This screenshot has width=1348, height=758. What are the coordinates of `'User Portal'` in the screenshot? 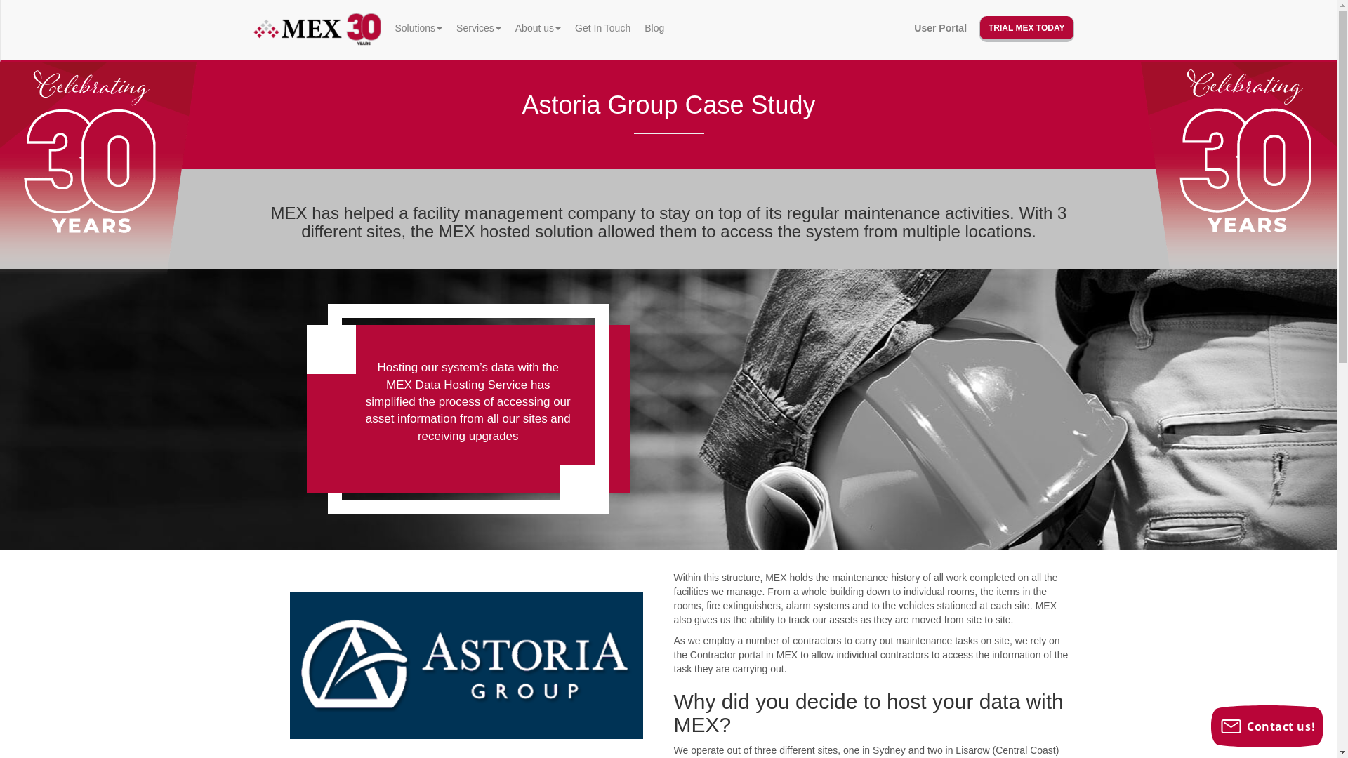 It's located at (906, 27).